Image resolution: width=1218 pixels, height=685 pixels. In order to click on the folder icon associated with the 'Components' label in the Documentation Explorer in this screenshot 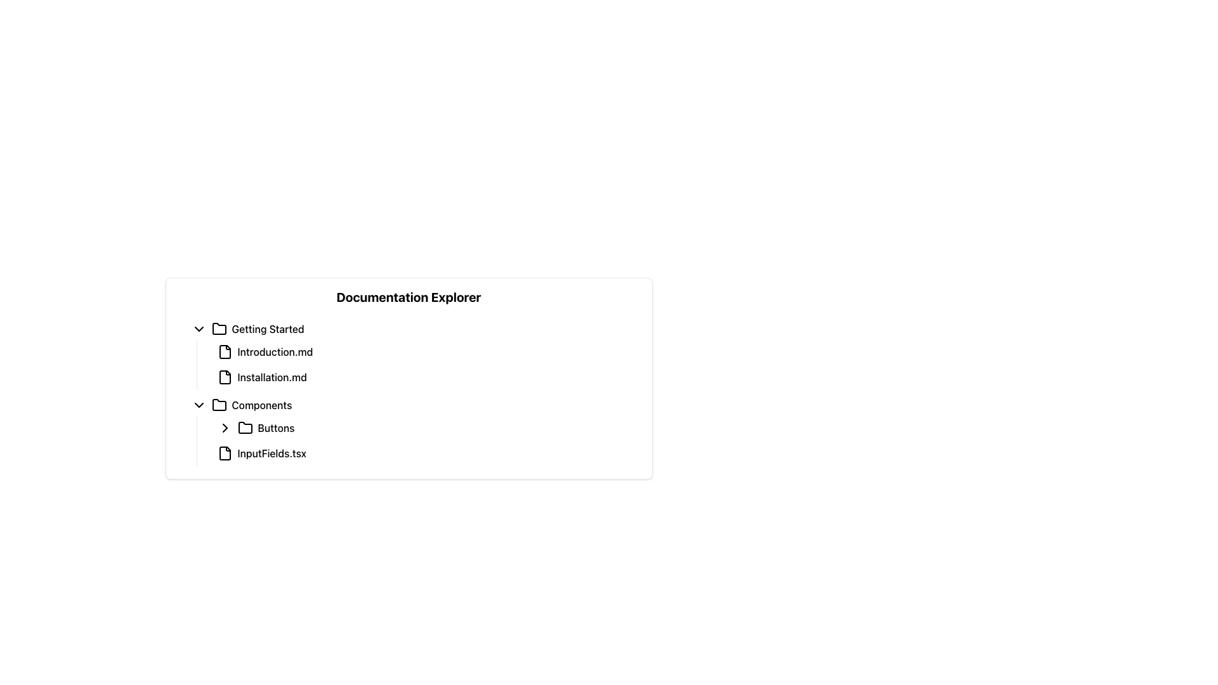, I will do `click(219, 405)`.